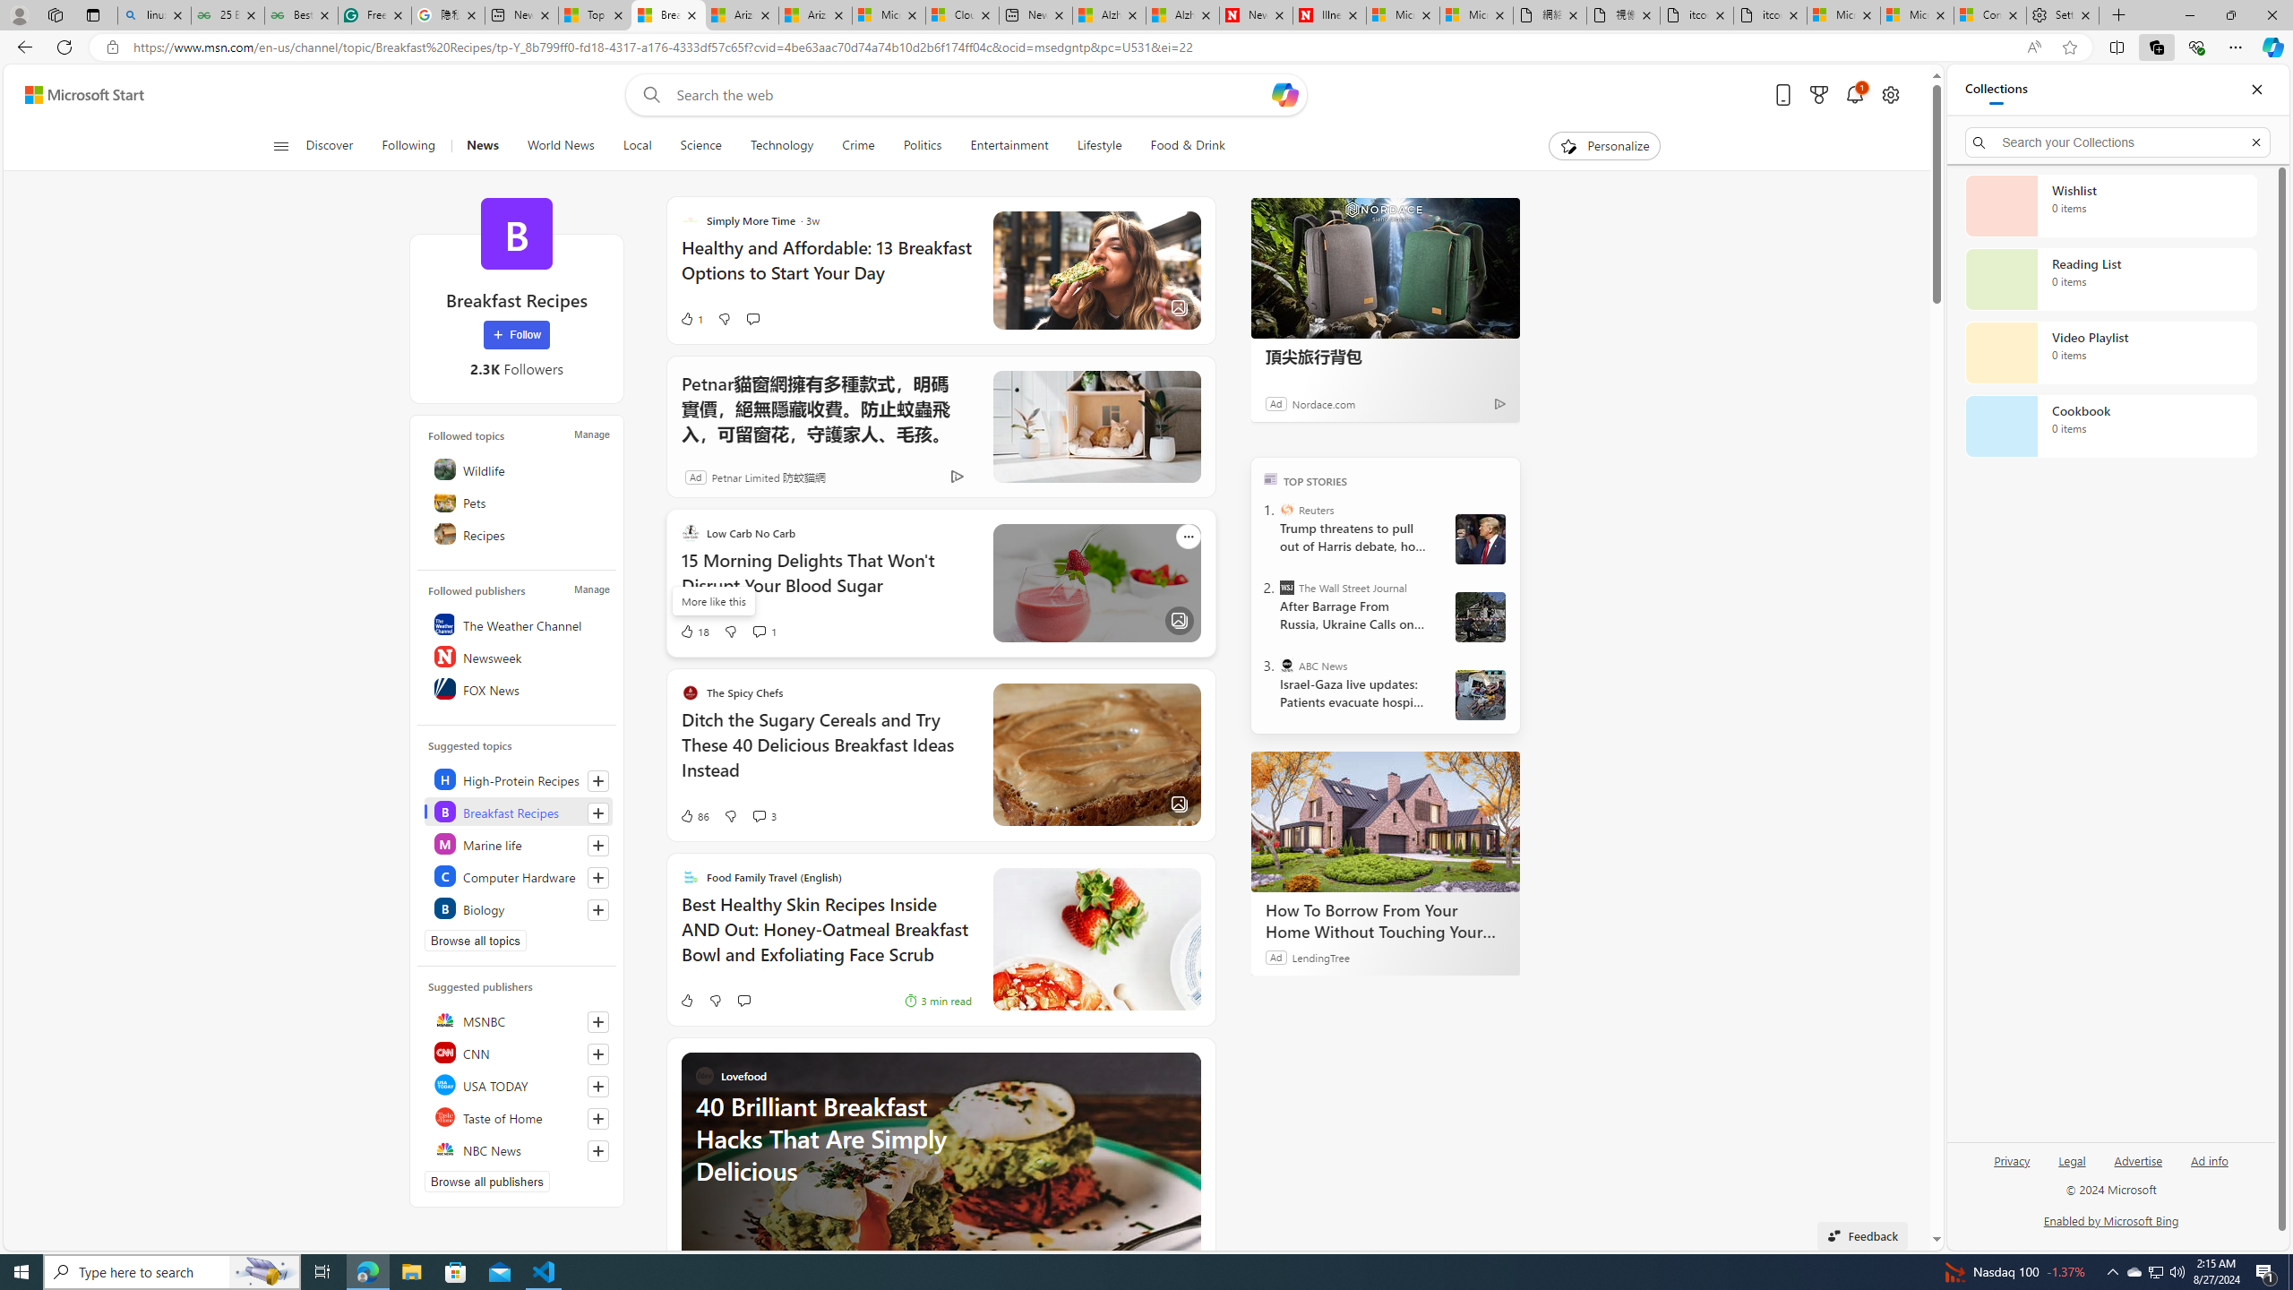  What do you see at coordinates (1285, 586) in the screenshot?
I see `'The Wall Street Journal'` at bounding box center [1285, 586].